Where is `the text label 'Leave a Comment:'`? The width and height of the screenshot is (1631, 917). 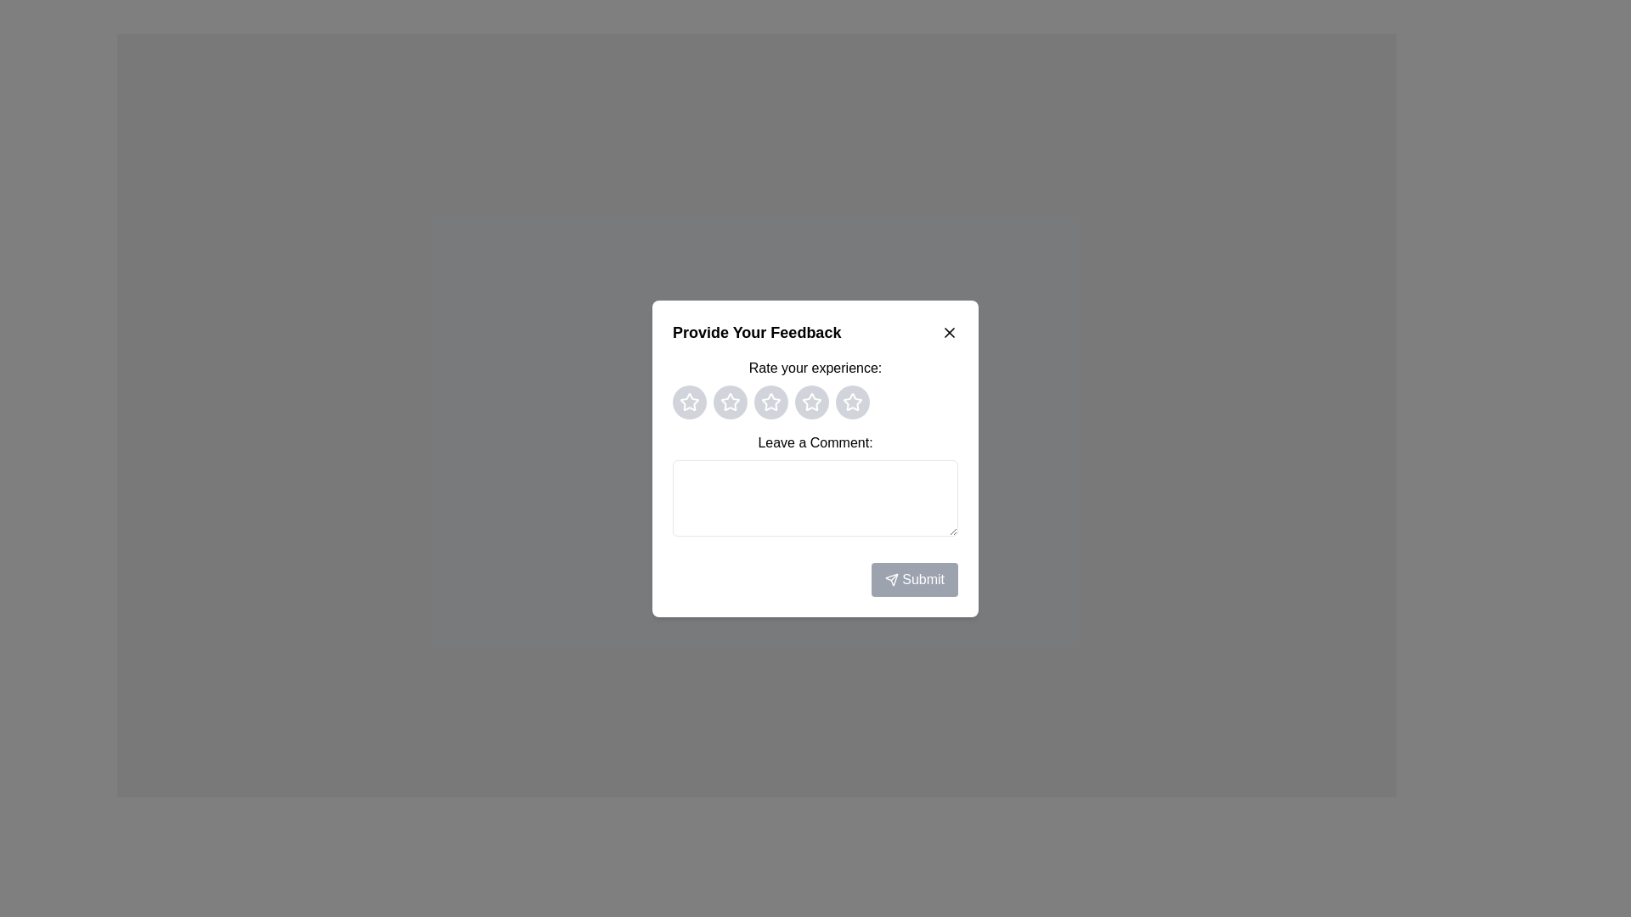
the text label 'Leave a Comment:' is located at coordinates (815, 442).